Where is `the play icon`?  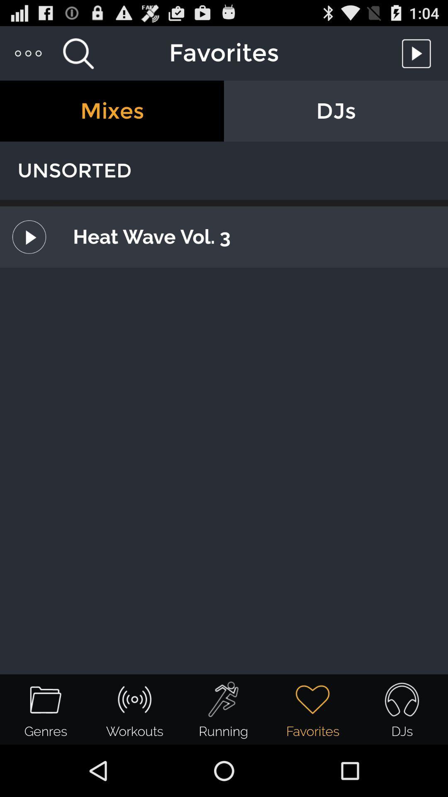 the play icon is located at coordinates (419, 56).